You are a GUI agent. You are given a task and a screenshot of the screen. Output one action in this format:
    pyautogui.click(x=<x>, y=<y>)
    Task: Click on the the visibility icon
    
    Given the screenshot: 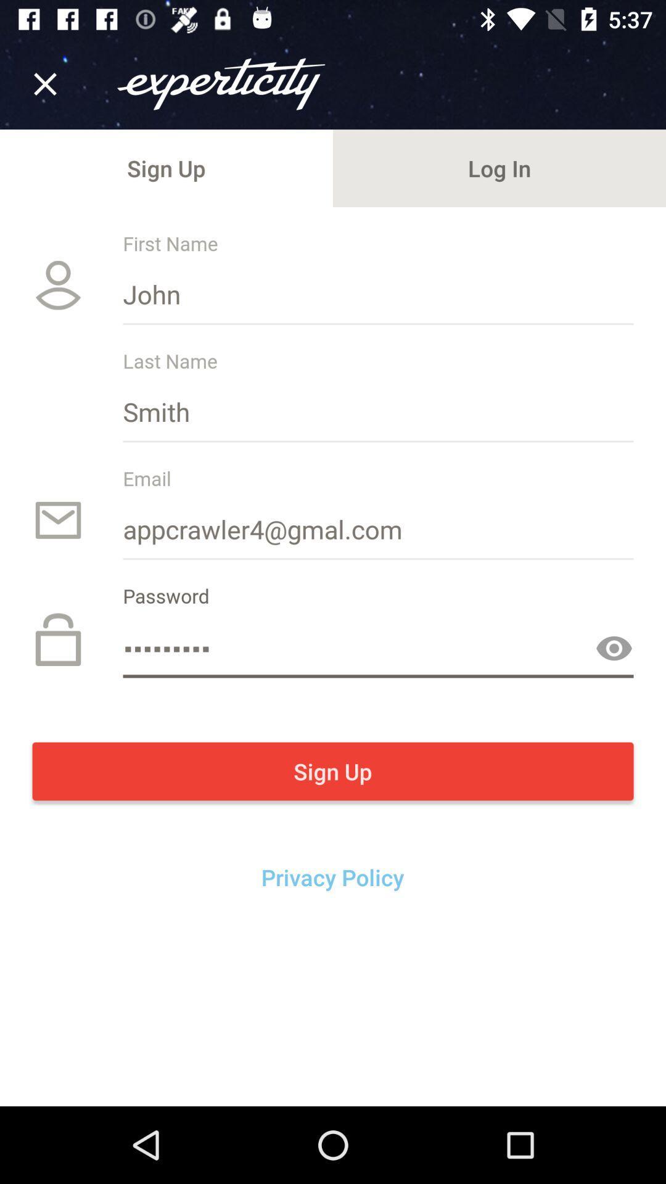 What is the action you would take?
    pyautogui.click(x=614, y=647)
    